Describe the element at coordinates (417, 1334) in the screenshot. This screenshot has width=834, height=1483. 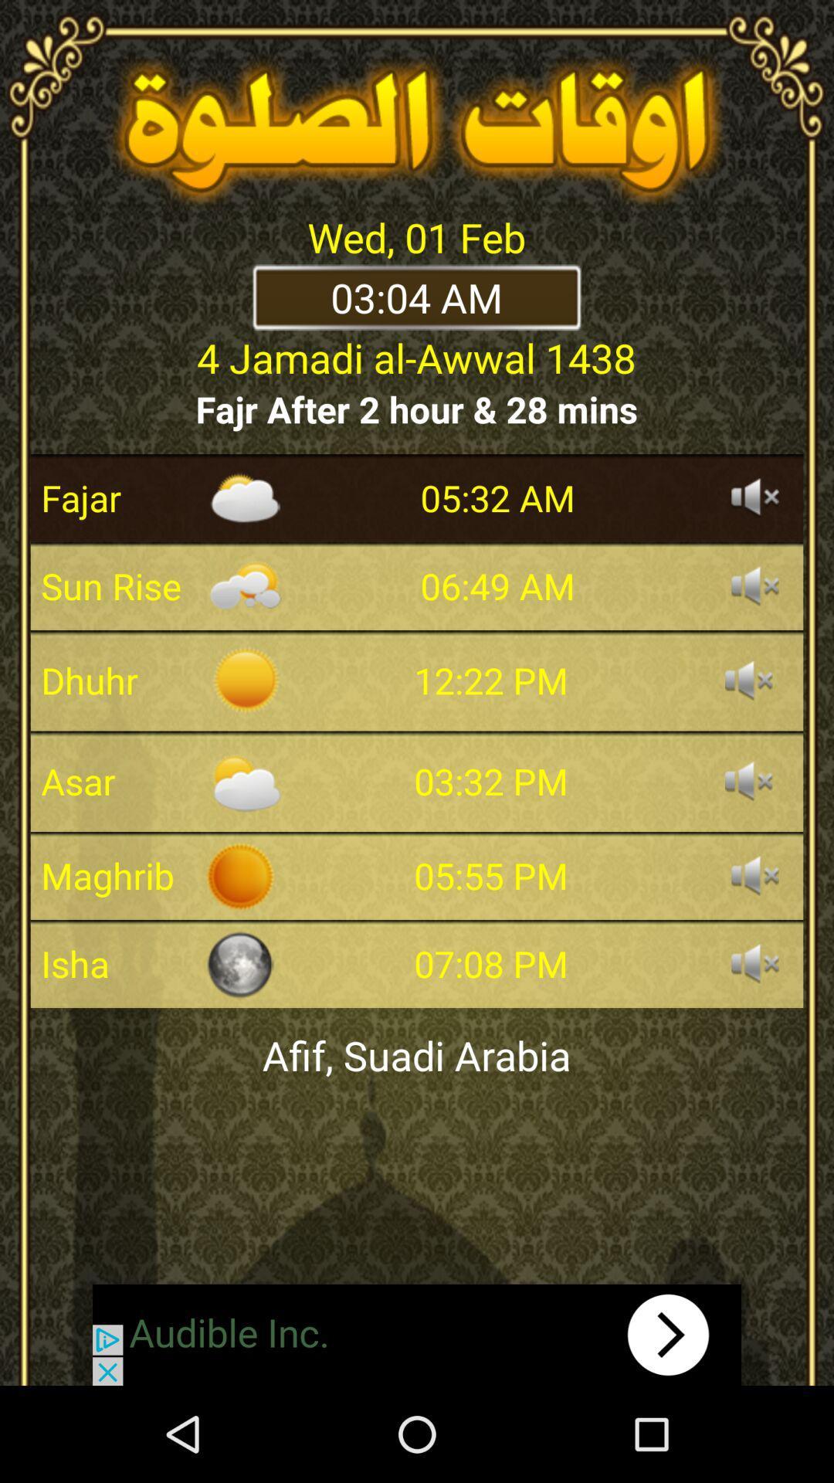
I see `advertisement` at that location.